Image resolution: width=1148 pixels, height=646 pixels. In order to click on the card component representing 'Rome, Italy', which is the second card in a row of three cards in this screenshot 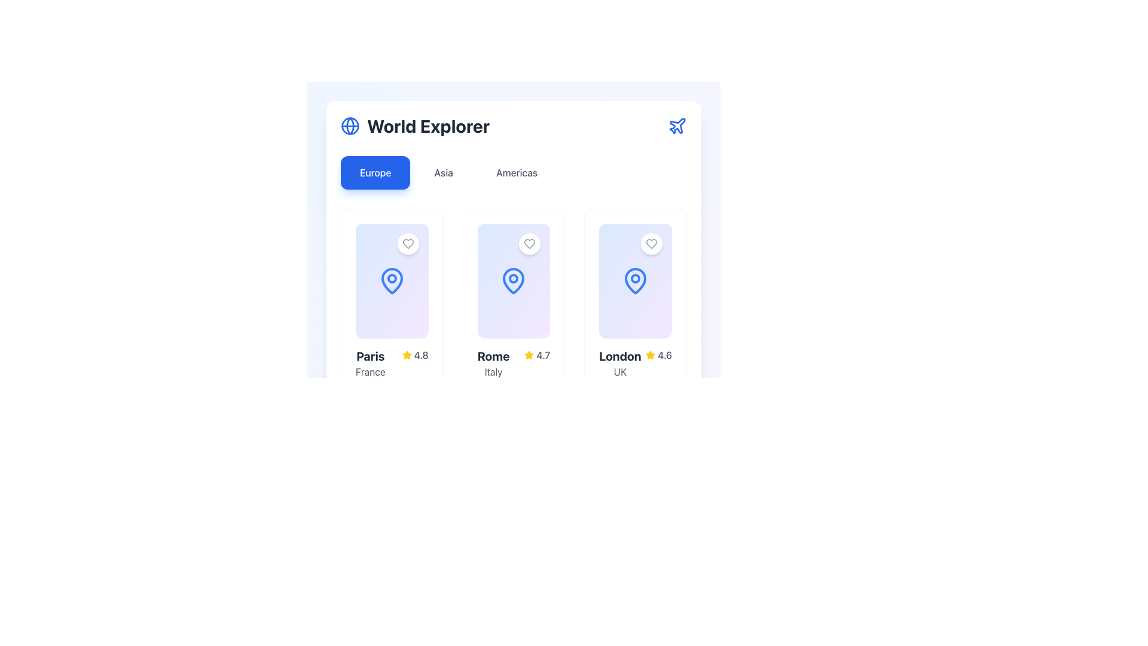, I will do `click(514, 223)`.